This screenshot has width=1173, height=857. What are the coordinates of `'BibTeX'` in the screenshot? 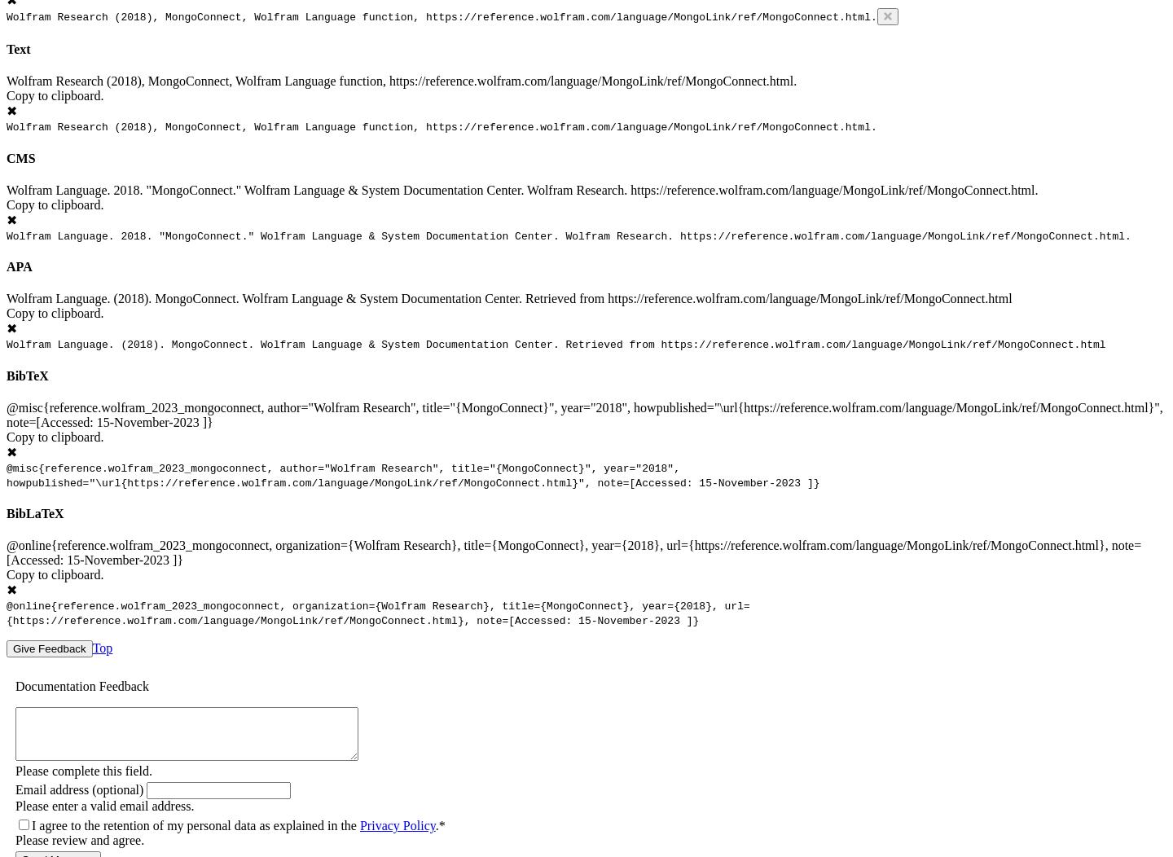 It's located at (6, 375).